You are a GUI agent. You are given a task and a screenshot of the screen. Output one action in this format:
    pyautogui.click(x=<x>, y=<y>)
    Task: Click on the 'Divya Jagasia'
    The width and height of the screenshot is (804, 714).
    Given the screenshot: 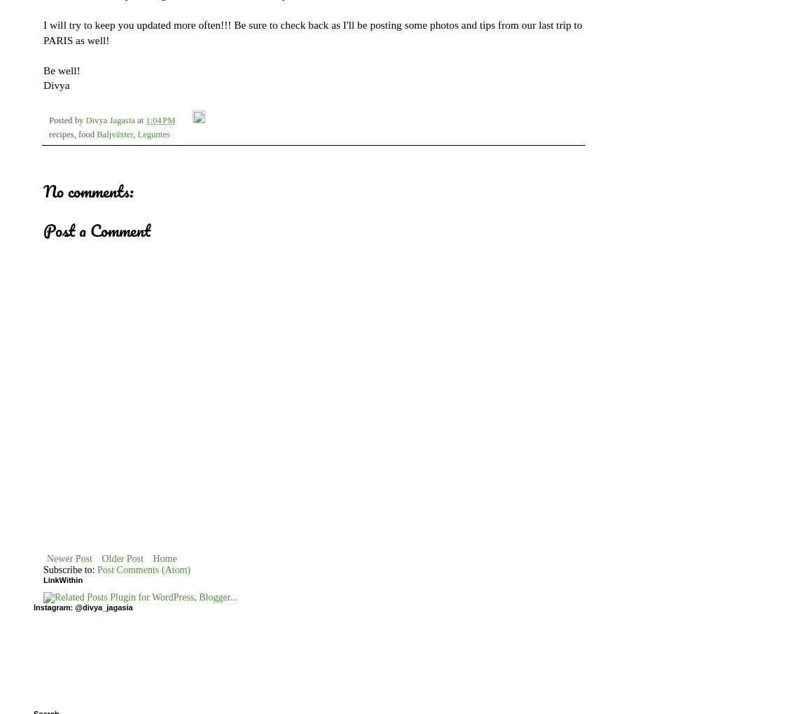 What is the action you would take?
    pyautogui.click(x=109, y=119)
    